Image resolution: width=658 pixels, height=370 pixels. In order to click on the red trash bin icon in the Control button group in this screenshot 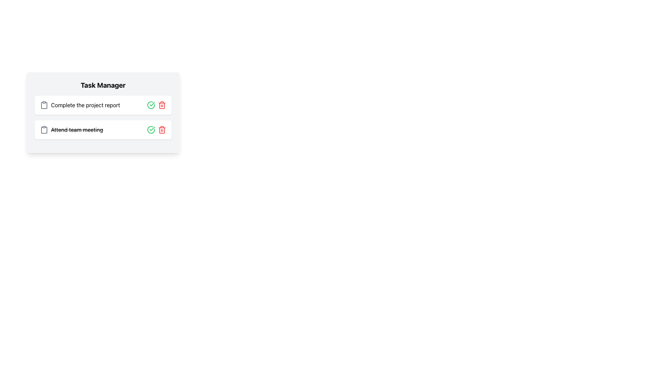, I will do `click(156, 129)`.